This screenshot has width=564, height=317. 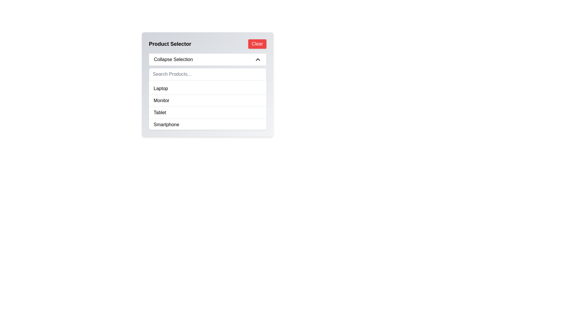 I want to click on the list item labeled 'Monitor', so click(x=207, y=100).